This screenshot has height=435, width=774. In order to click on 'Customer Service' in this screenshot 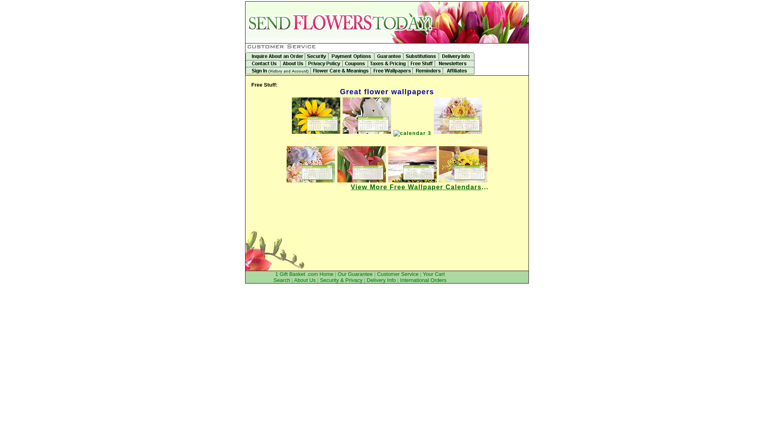, I will do `click(397, 273)`.